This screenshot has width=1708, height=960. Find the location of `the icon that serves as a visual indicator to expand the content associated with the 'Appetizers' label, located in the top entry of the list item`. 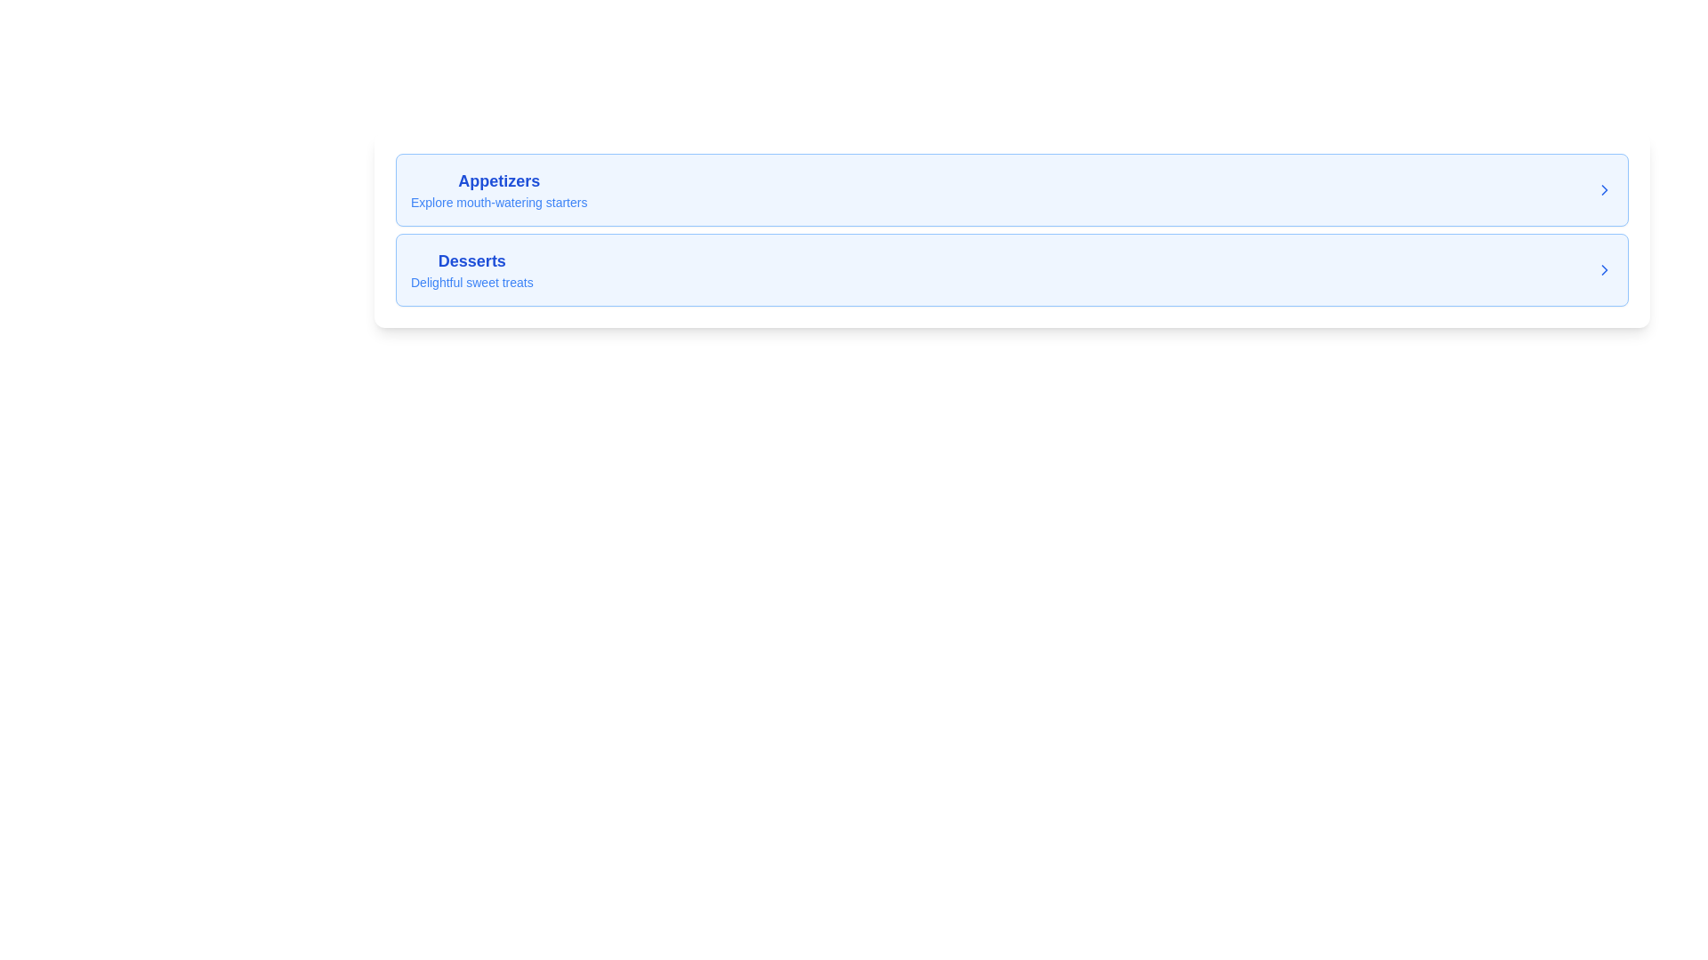

the icon that serves as a visual indicator to expand the content associated with the 'Appetizers' label, located in the top entry of the list item is located at coordinates (1605, 189).